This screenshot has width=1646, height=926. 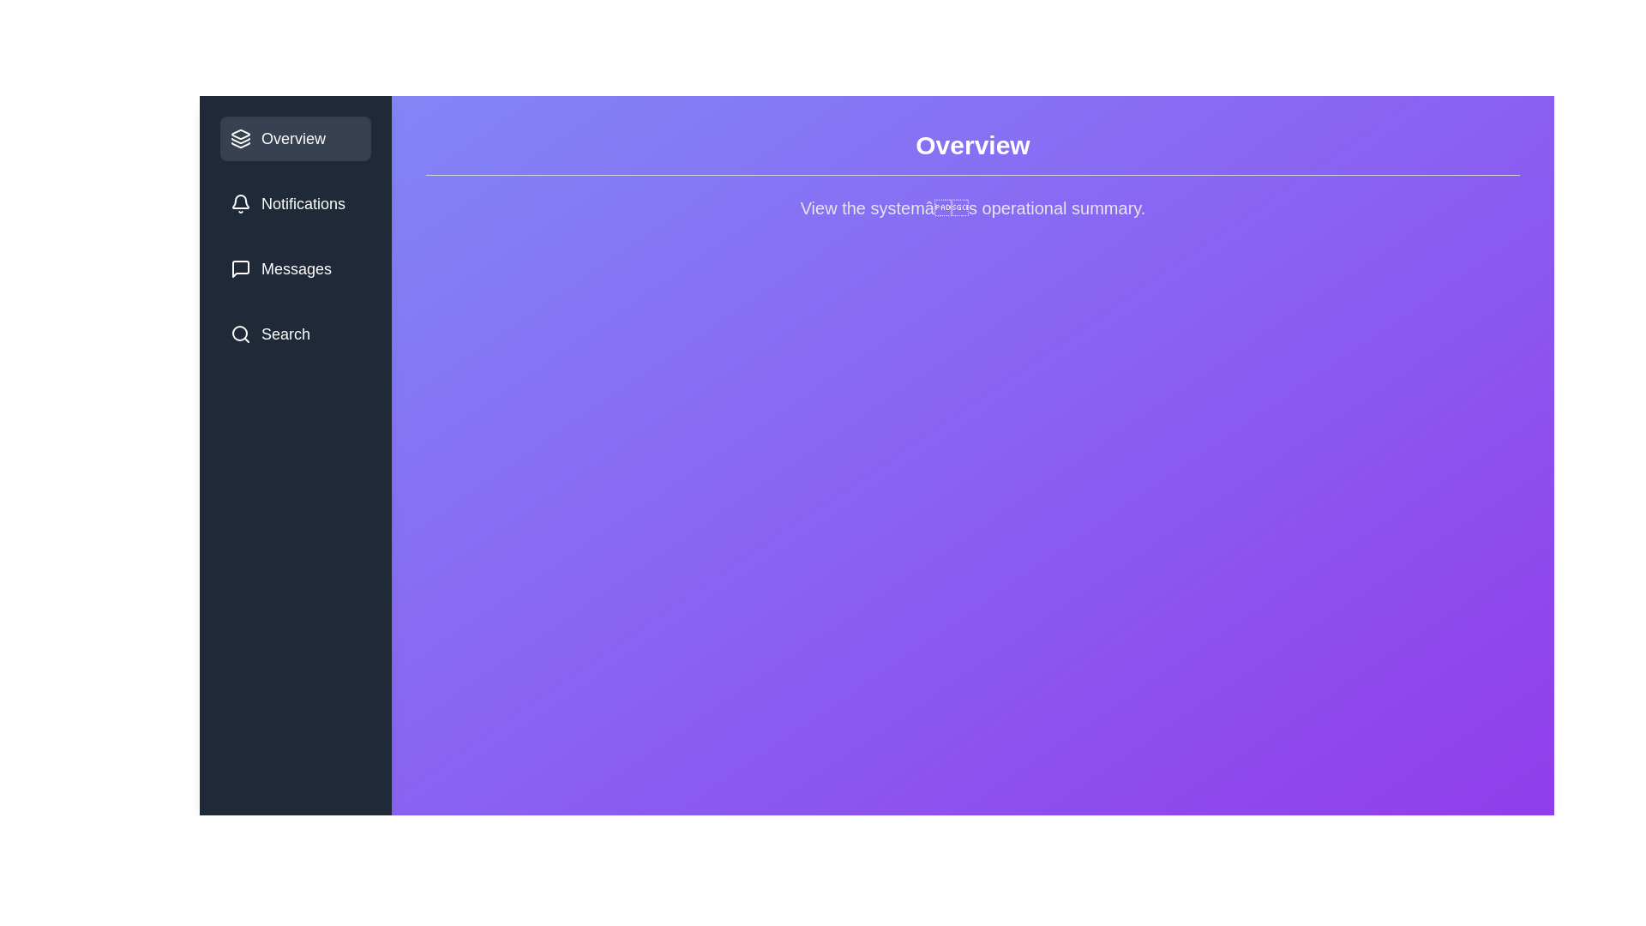 I want to click on the Messages tab in the menu, so click(x=296, y=268).